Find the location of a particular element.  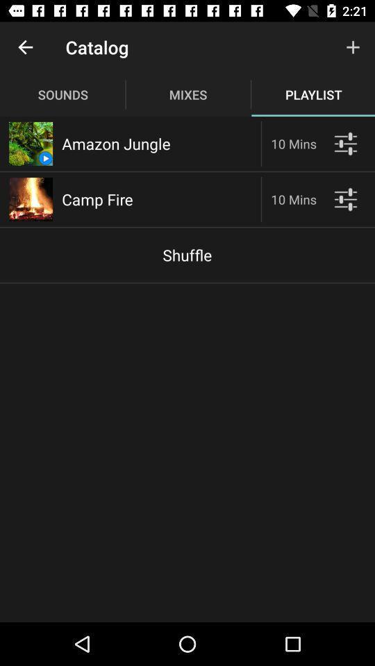

modify settings is located at coordinates (344, 198).